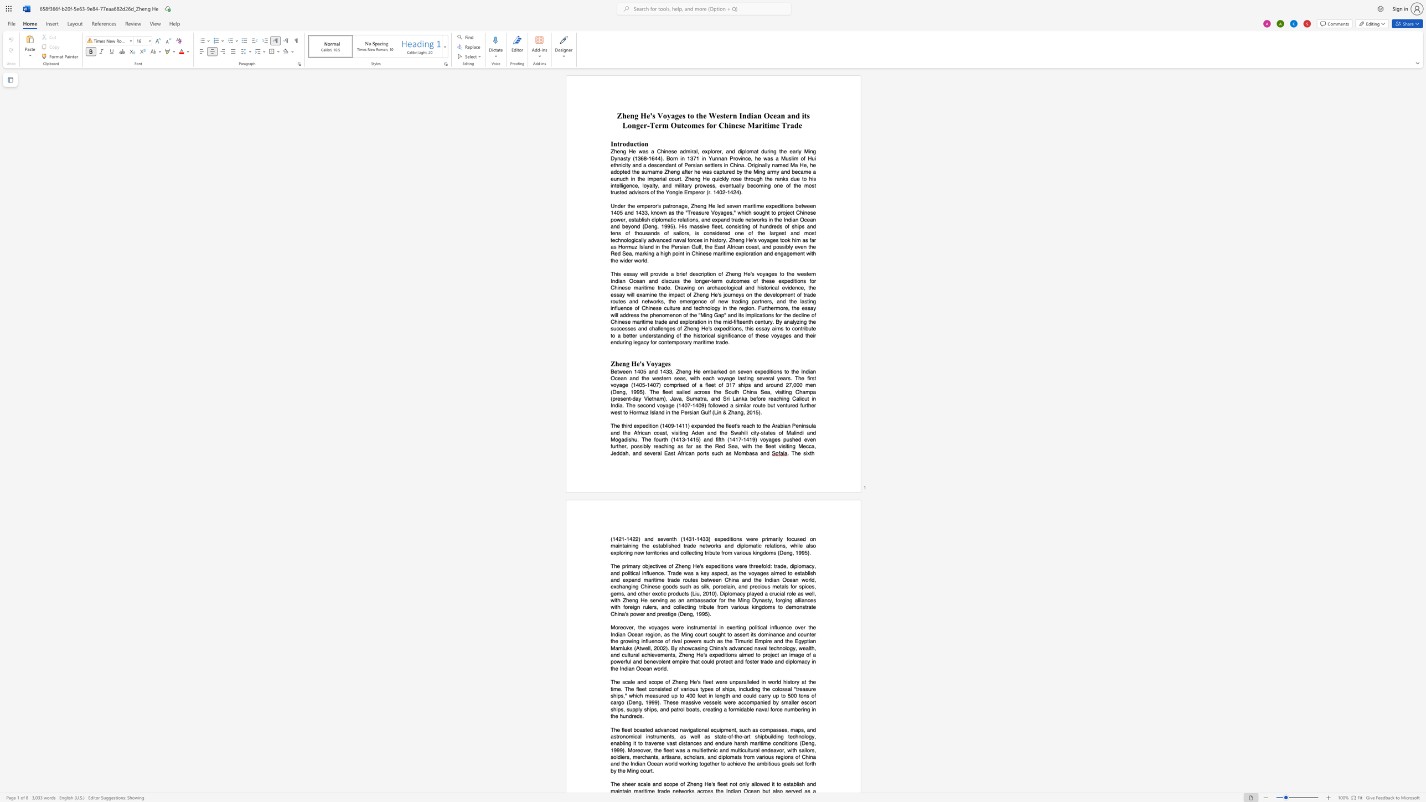  Describe the element at coordinates (627, 213) in the screenshot. I see `the subset text "nd 1433, known as the" within the text "Under the emperor"` at that location.